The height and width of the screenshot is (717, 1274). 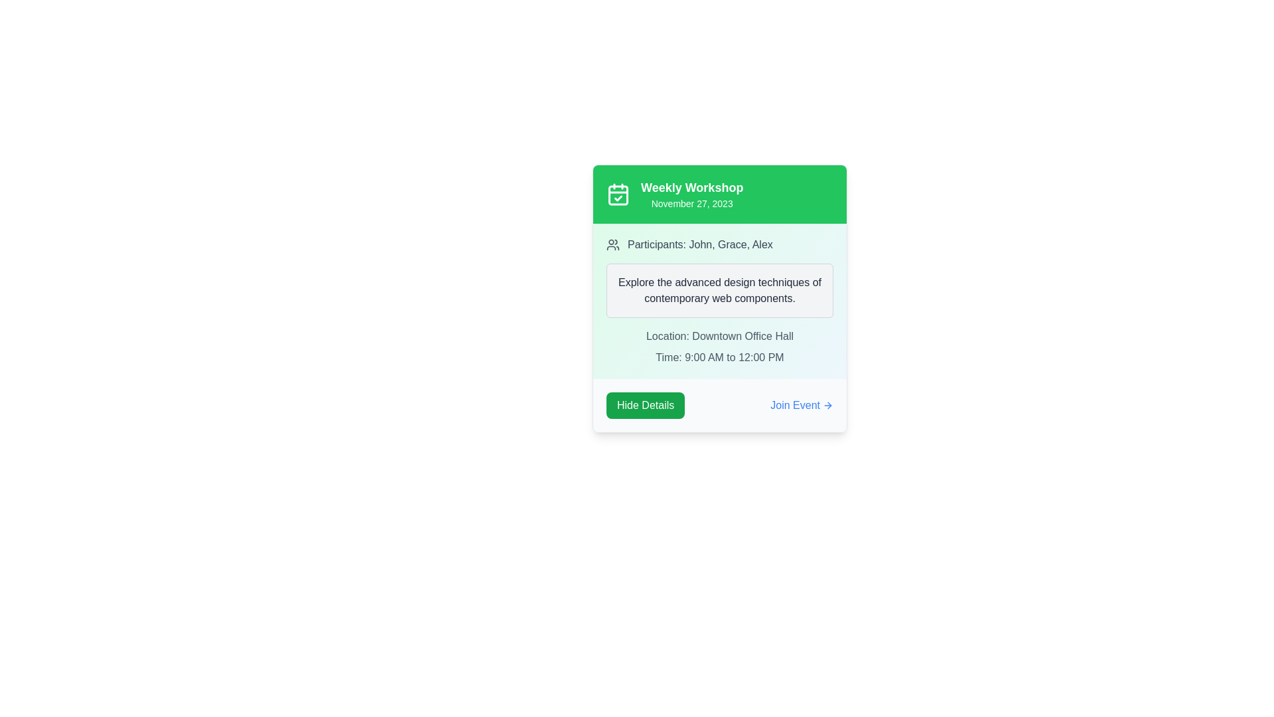 What do you see at coordinates (719, 335) in the screenshot?
I see `displayed text from the Text display element showing 'Location: Downtown Office Hall', which is styled in gray font color and situated above the 'Time: 9:00 AM to 12:00 PM' text` at bounding box center [719, 335].